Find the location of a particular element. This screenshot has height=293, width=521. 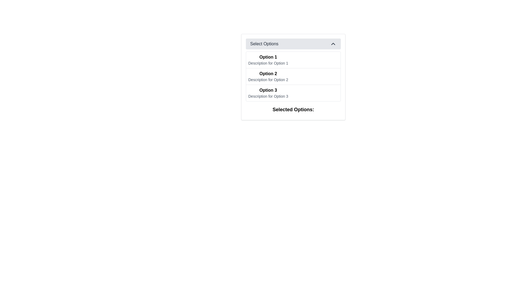

the first entry of the interactive list item labeled 'Option 1' to trigger visual feedback is located at coordinates (293, 60).